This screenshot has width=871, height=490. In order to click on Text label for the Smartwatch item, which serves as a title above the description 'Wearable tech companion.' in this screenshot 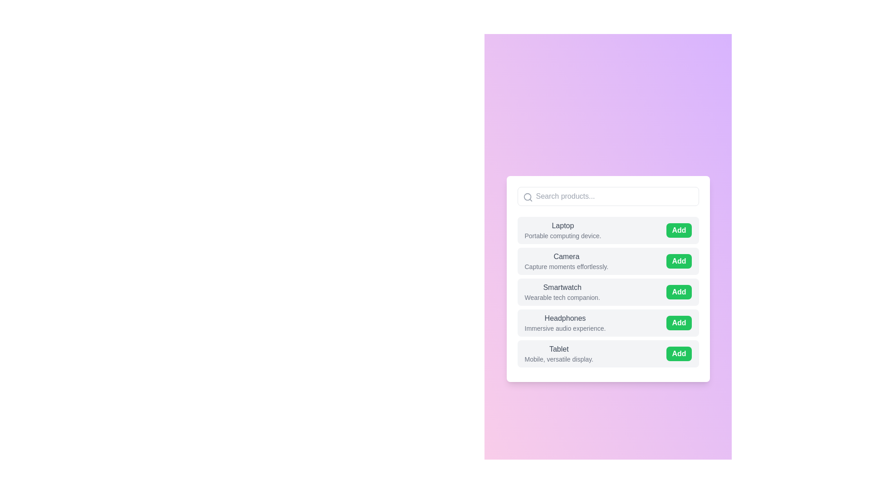, I will do `click(562, 287)`.